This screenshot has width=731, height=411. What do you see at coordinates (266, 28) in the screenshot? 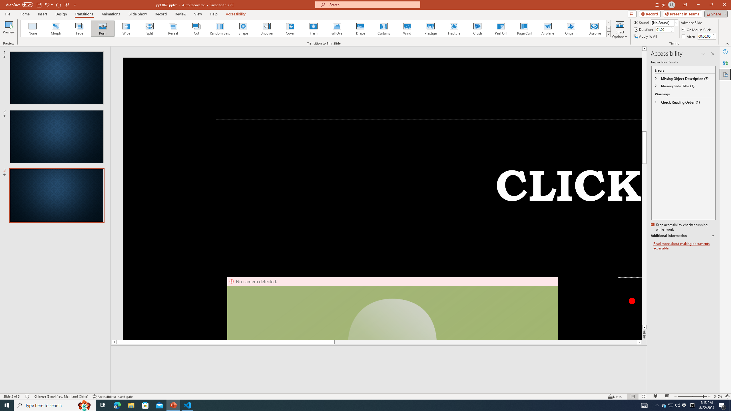
I see `'Uncover'` at bounding box center [266, 28].